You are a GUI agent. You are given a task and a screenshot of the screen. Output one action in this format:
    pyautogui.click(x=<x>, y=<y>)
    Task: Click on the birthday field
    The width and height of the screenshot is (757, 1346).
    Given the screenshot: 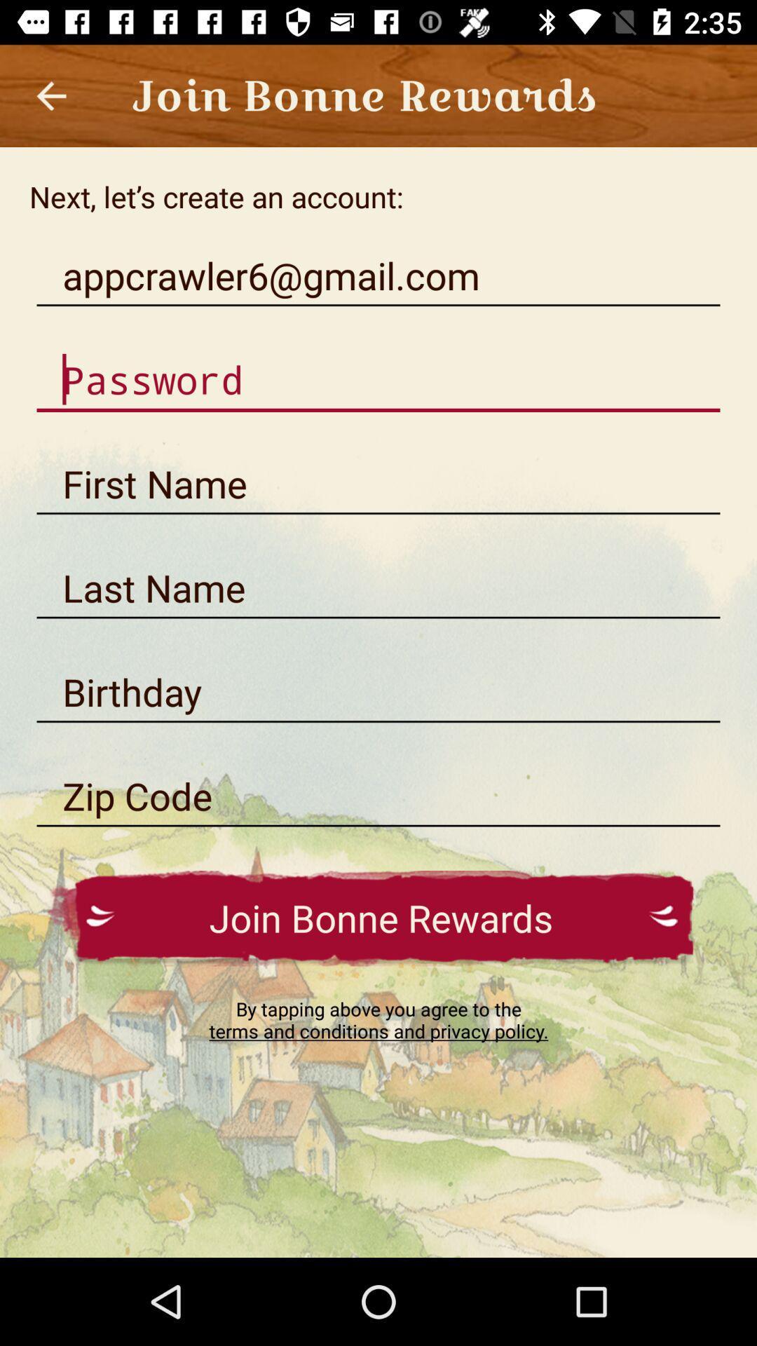 What is the action you would take?
    pyautogui.click(x=378, y=692)
    